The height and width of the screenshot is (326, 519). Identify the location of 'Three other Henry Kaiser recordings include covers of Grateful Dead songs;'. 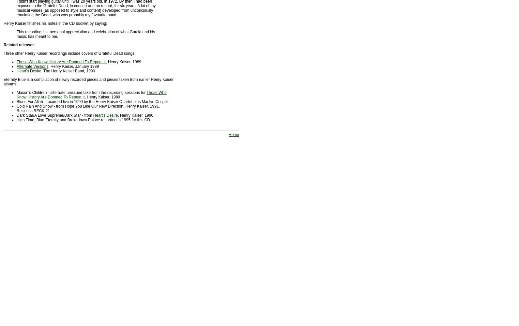
(3, 53).